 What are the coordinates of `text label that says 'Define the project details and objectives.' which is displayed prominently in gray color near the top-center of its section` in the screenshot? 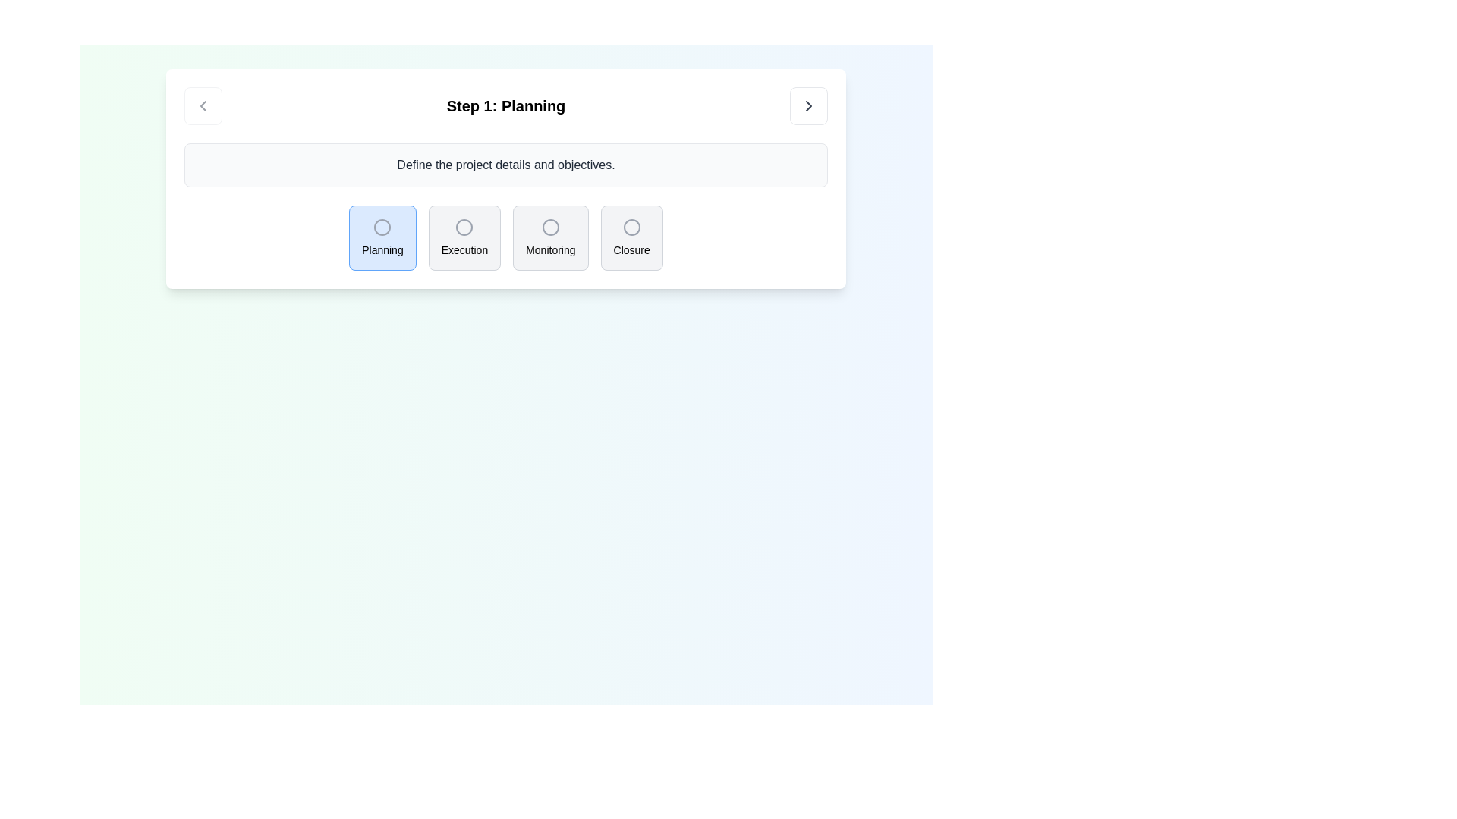 It's located at (506, 165).